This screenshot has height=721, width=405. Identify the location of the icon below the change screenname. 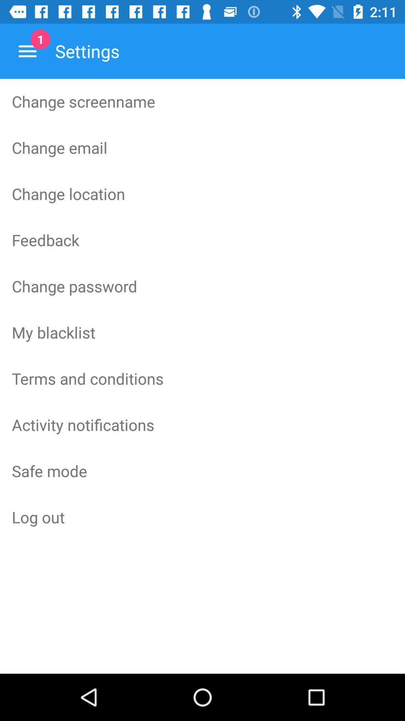
(202, 148).